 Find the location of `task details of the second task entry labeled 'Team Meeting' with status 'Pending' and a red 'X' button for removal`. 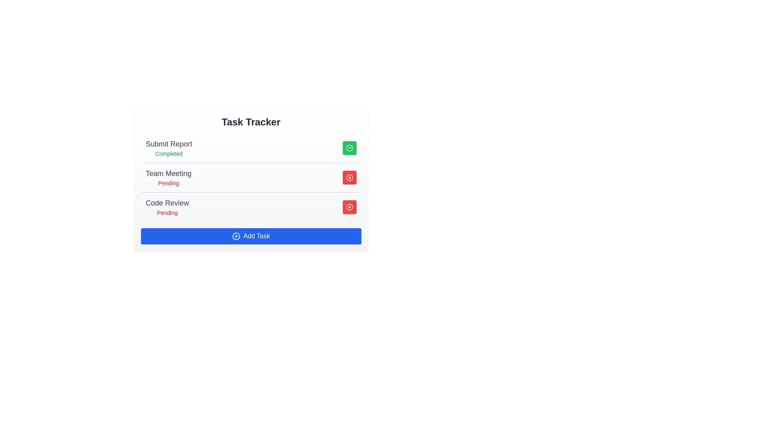

task details of the second task entry labeled 'Team Meeting' with status 'Pending' and a red 'X' button for removal is located at coordinates (250, 177).